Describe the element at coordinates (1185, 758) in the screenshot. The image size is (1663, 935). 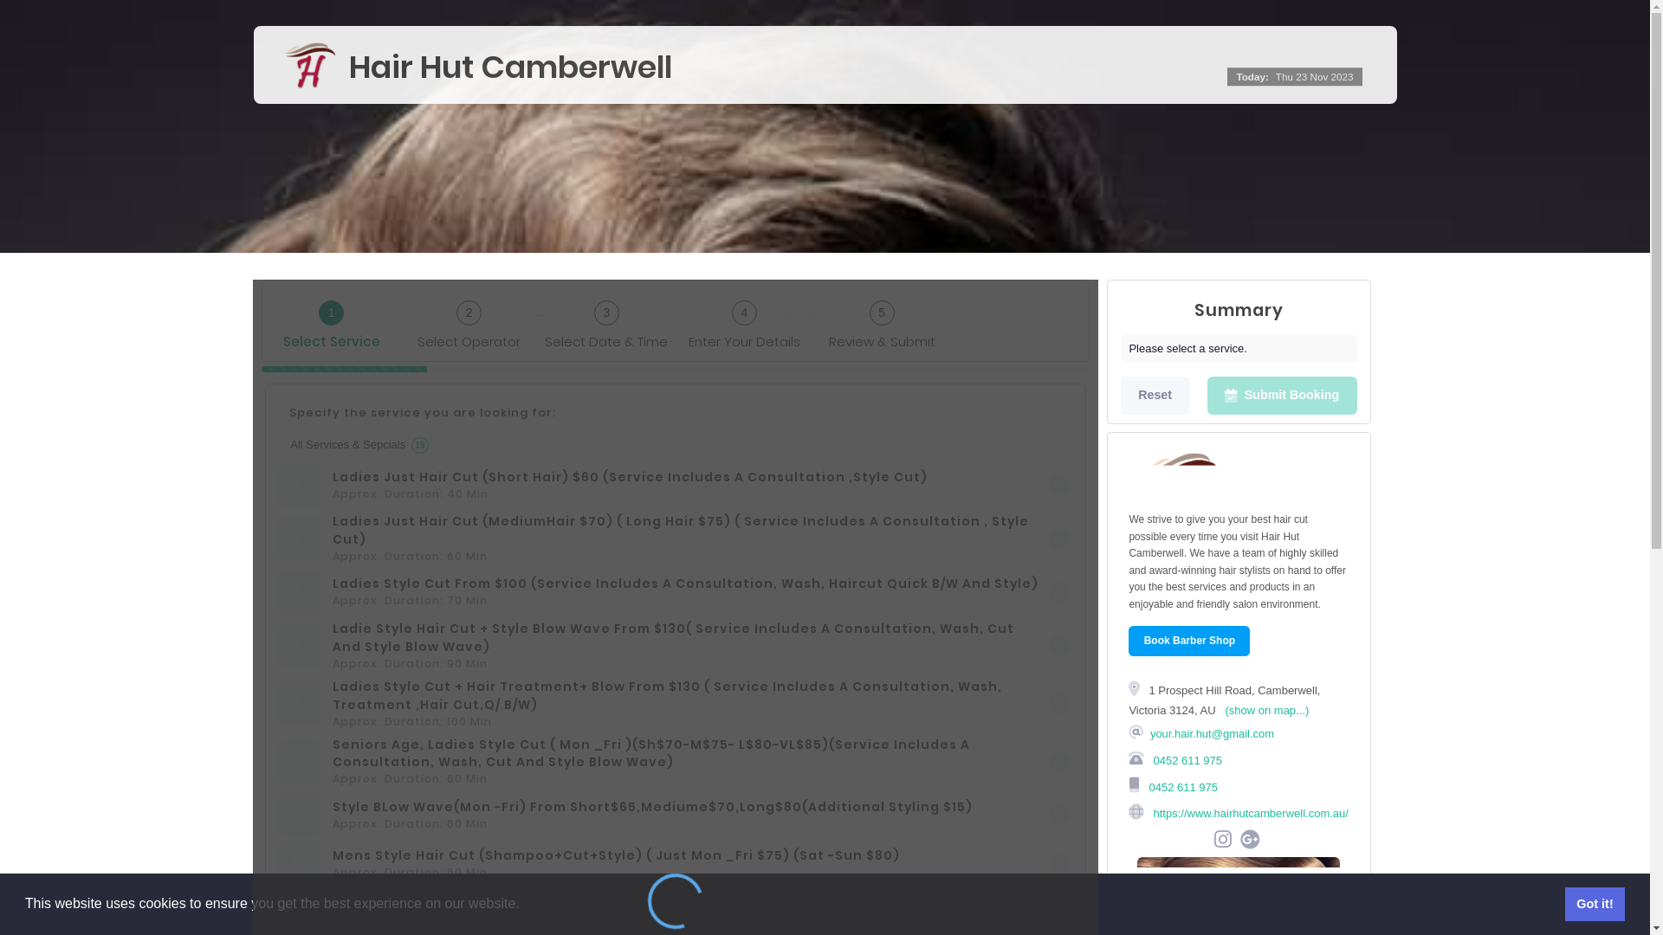
I see `'0452 611 975'` at that location.